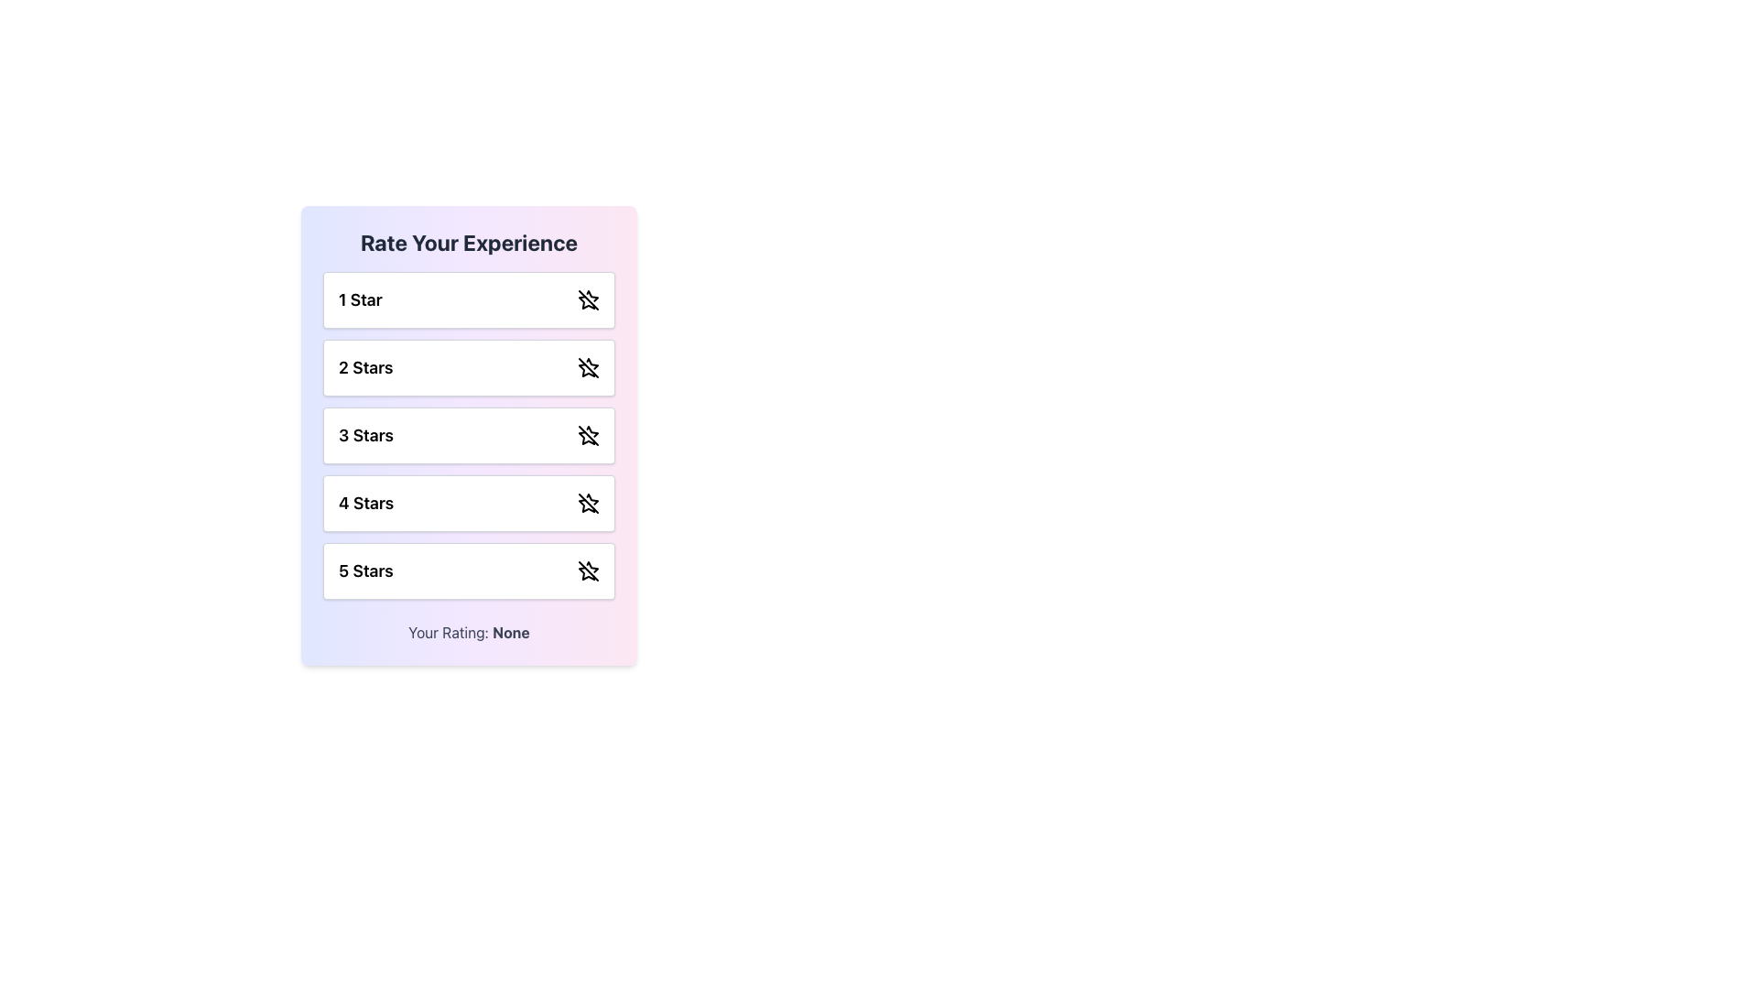 This screenshot has width=1758, height=989. Describe the element at coordinates (589, 504) in the screenshot. I see `the 4-star rating icon adjacent to the text '4 Stars'` at that location.